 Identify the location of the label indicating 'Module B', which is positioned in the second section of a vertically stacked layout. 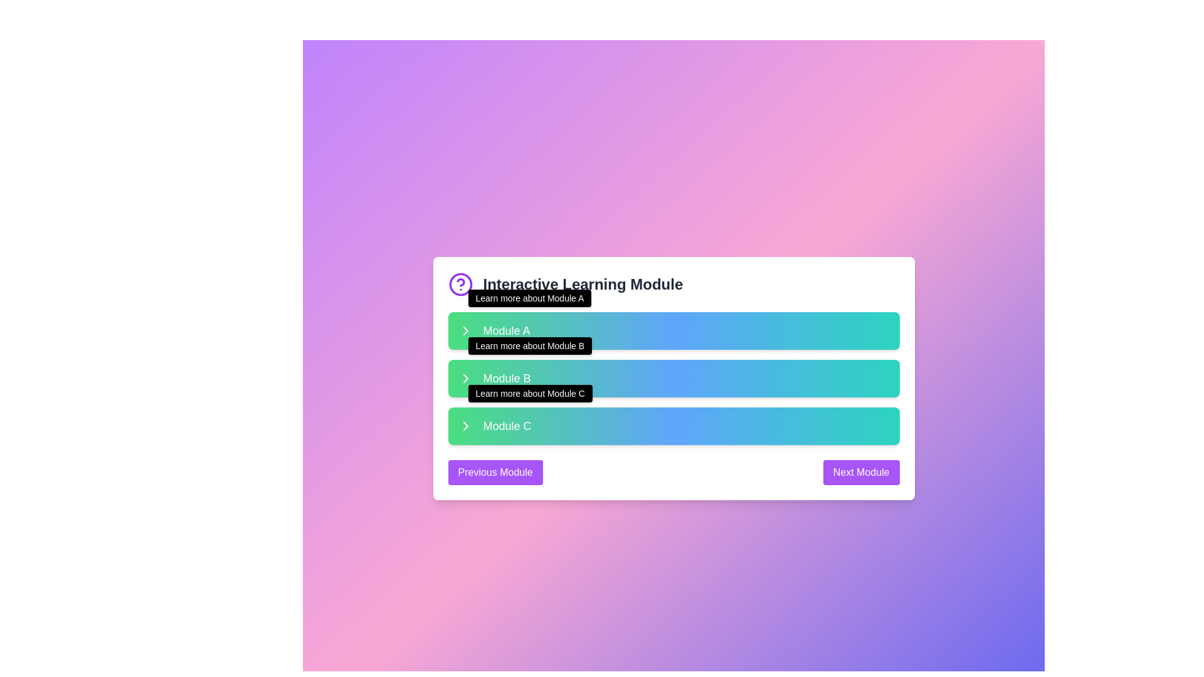
(507, 378).